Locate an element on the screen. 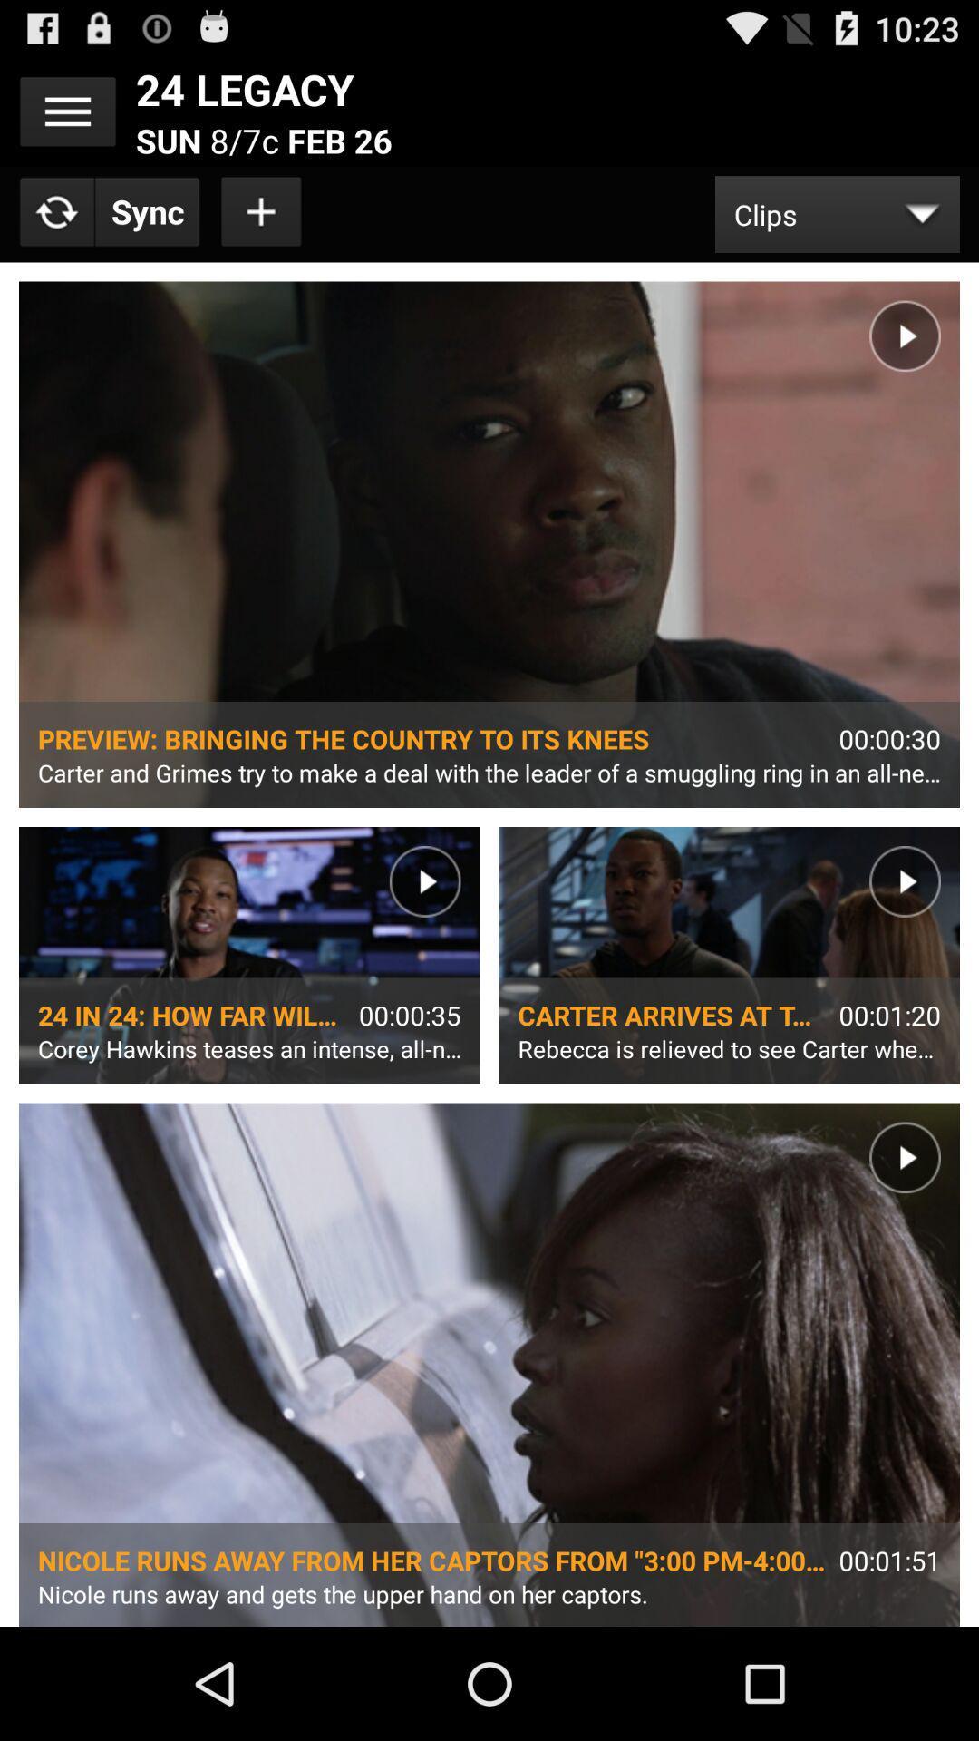 This screenshot has height=1741, width=979. more option is located at coordinates (66, 111).